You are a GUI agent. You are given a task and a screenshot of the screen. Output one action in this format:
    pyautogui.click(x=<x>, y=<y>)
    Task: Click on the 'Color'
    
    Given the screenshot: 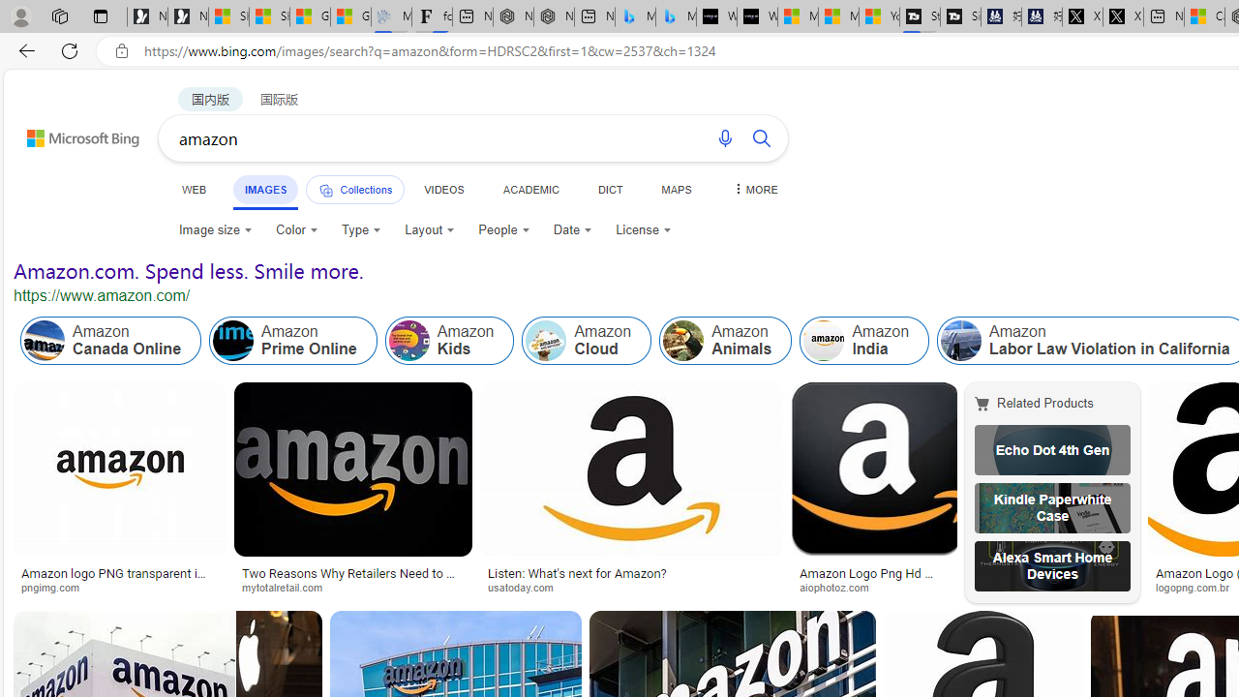 What is the action you would take?
    pyautogui.click(x=294, y=228)
    